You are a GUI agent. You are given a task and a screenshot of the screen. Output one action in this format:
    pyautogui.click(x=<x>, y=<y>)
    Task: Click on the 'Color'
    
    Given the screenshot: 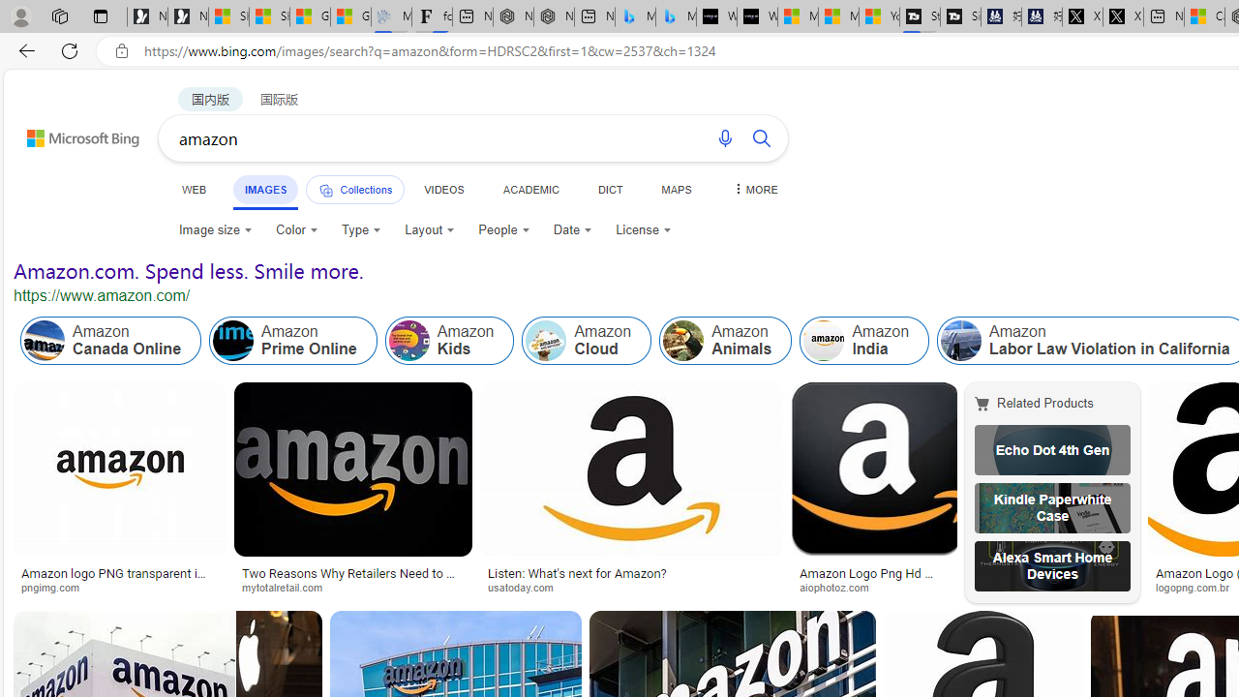 What is the action you would take?
    pyautogui.click(x=294, y=228)
    